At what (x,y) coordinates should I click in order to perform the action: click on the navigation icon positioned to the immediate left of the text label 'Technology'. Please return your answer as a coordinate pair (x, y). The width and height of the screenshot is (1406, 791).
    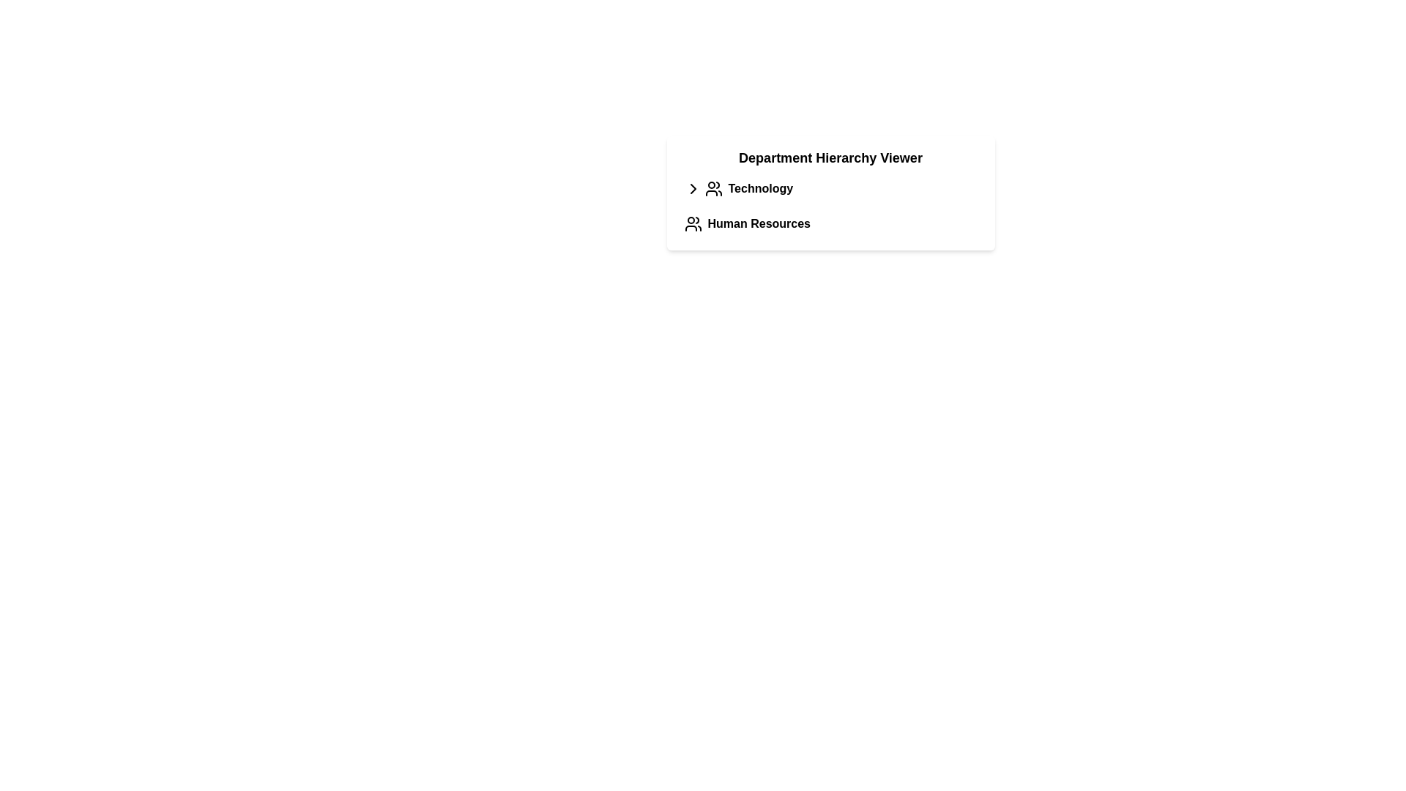
    Looking at the image, I should click on (692, 188).